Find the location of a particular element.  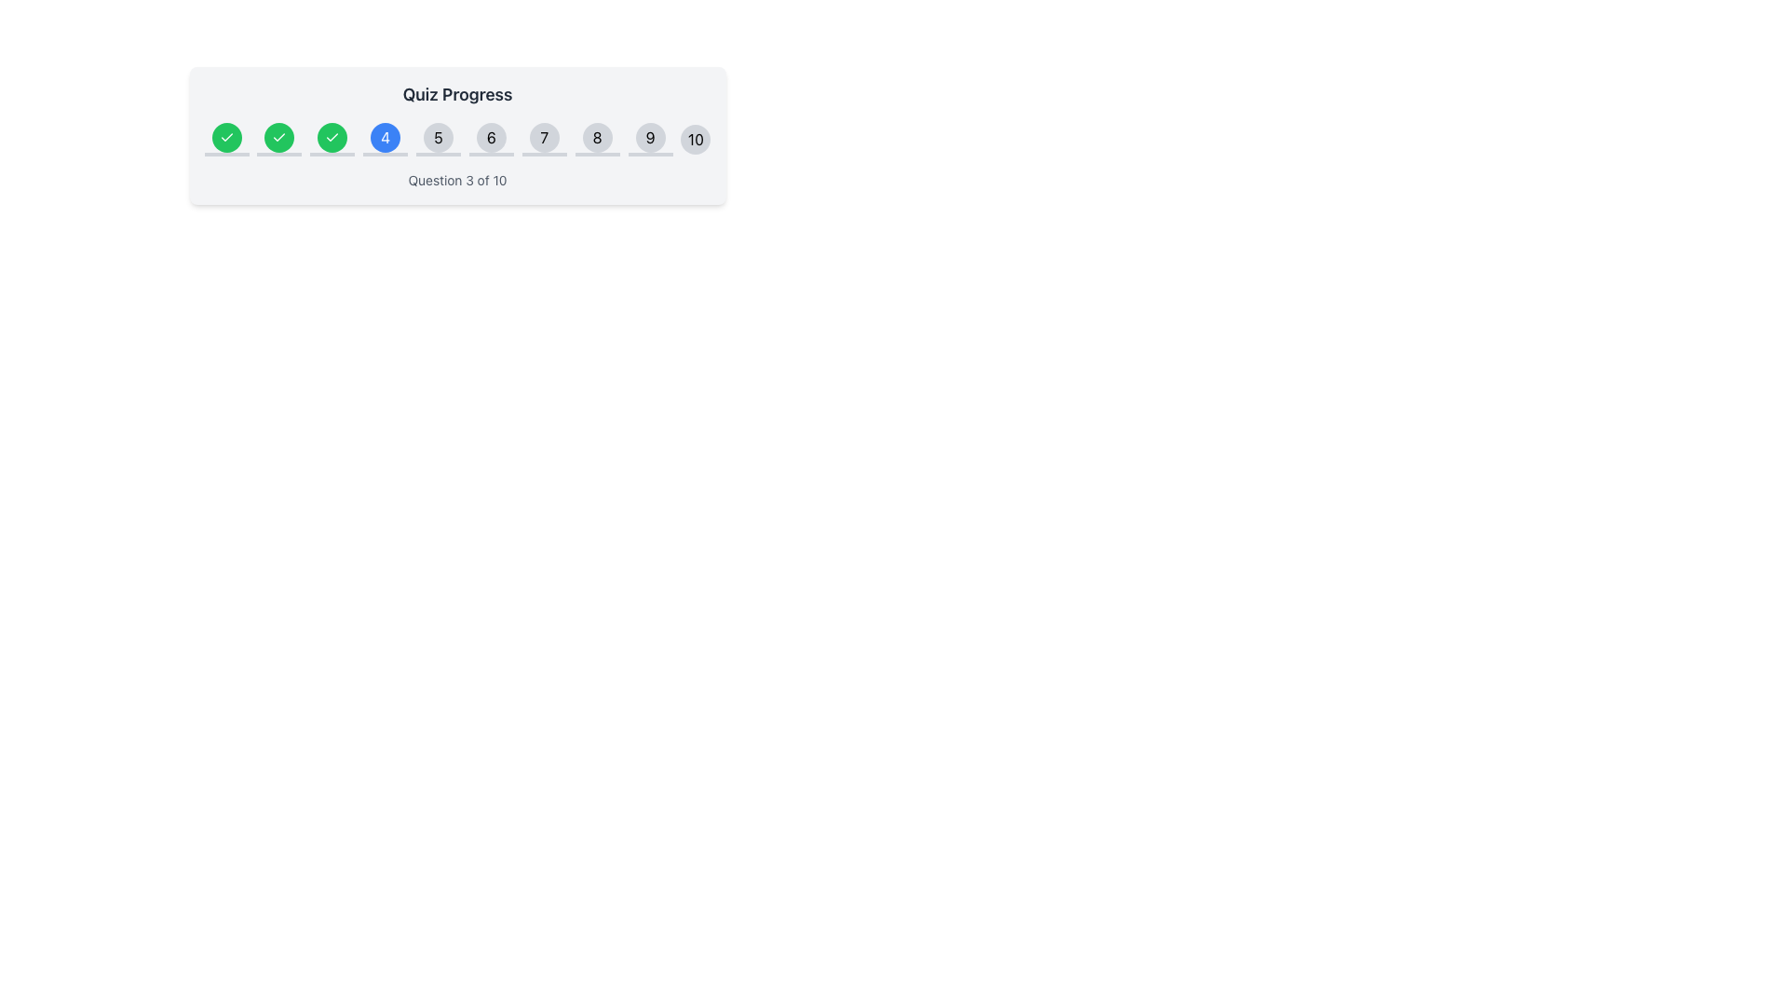

the status of the circular green icon with a white checkmark, which indicates completion or confirmation, located in the horizontal progress tracker as the third item from the left is located at coordinates (278, 136).